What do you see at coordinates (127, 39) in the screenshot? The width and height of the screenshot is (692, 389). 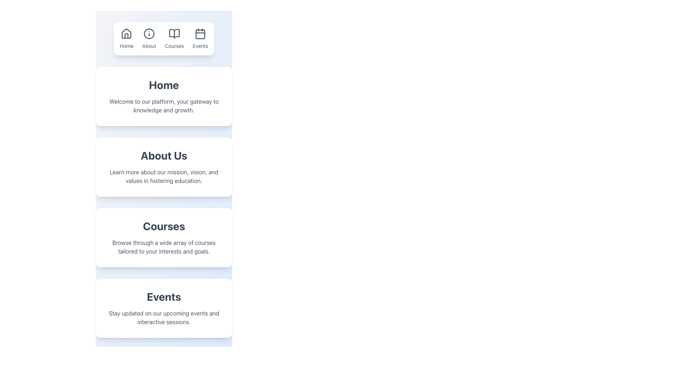 I see `the Interactive navigation button labeled 'Home'` at bounding box center [127, 39].